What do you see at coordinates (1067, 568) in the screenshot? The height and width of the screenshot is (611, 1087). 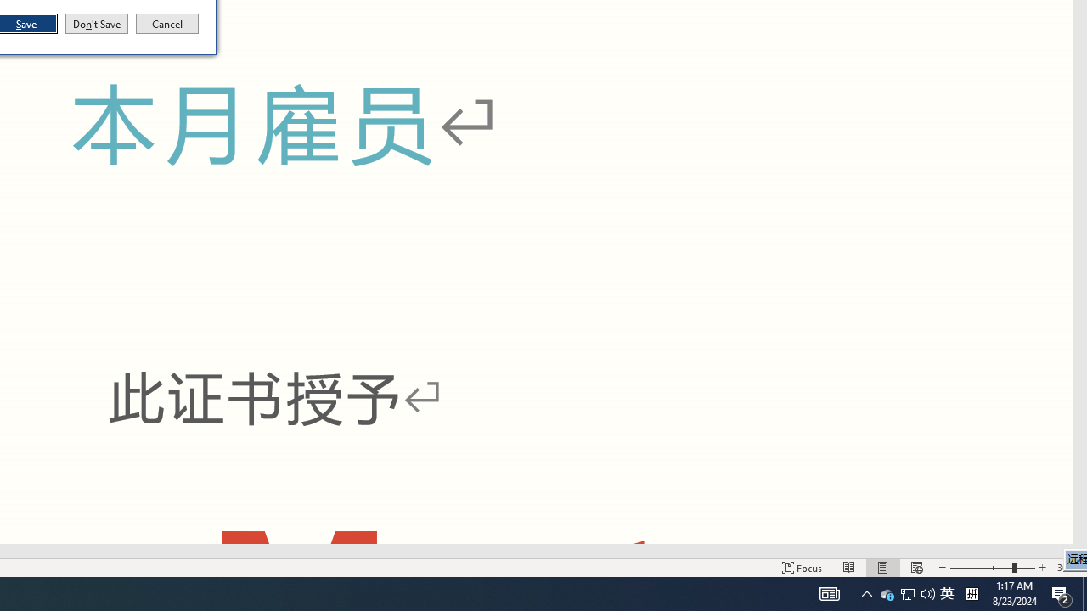 I see `'Zoom 308%'` at bounding box center [1067, 568].